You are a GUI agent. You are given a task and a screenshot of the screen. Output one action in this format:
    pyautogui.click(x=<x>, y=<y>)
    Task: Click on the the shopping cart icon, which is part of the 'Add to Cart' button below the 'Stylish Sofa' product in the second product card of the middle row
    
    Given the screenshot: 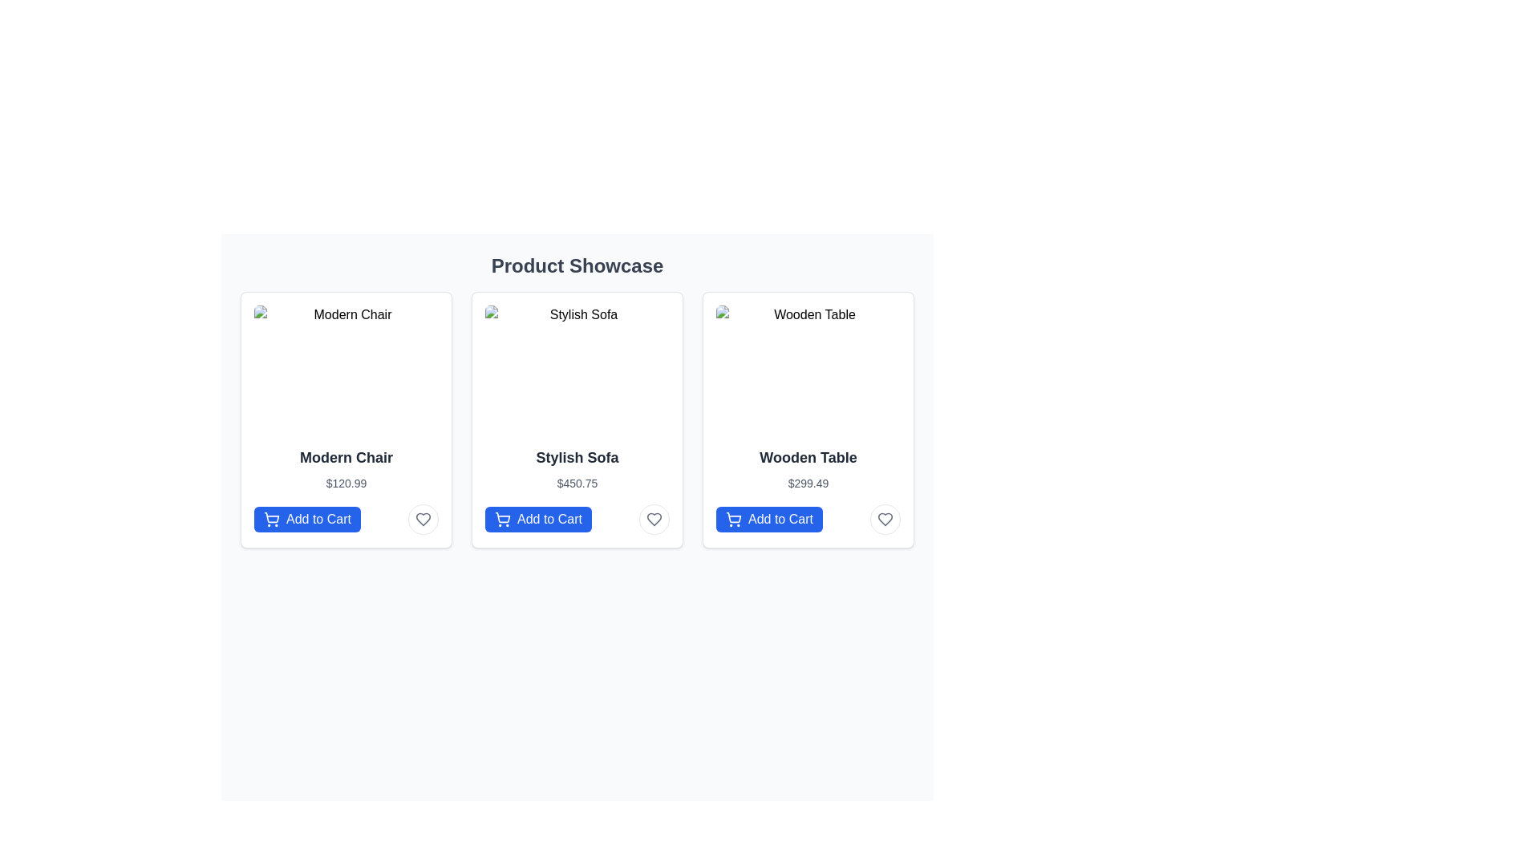 What is the action you would take?
    pyautogui.click(x=502, y=517)
    